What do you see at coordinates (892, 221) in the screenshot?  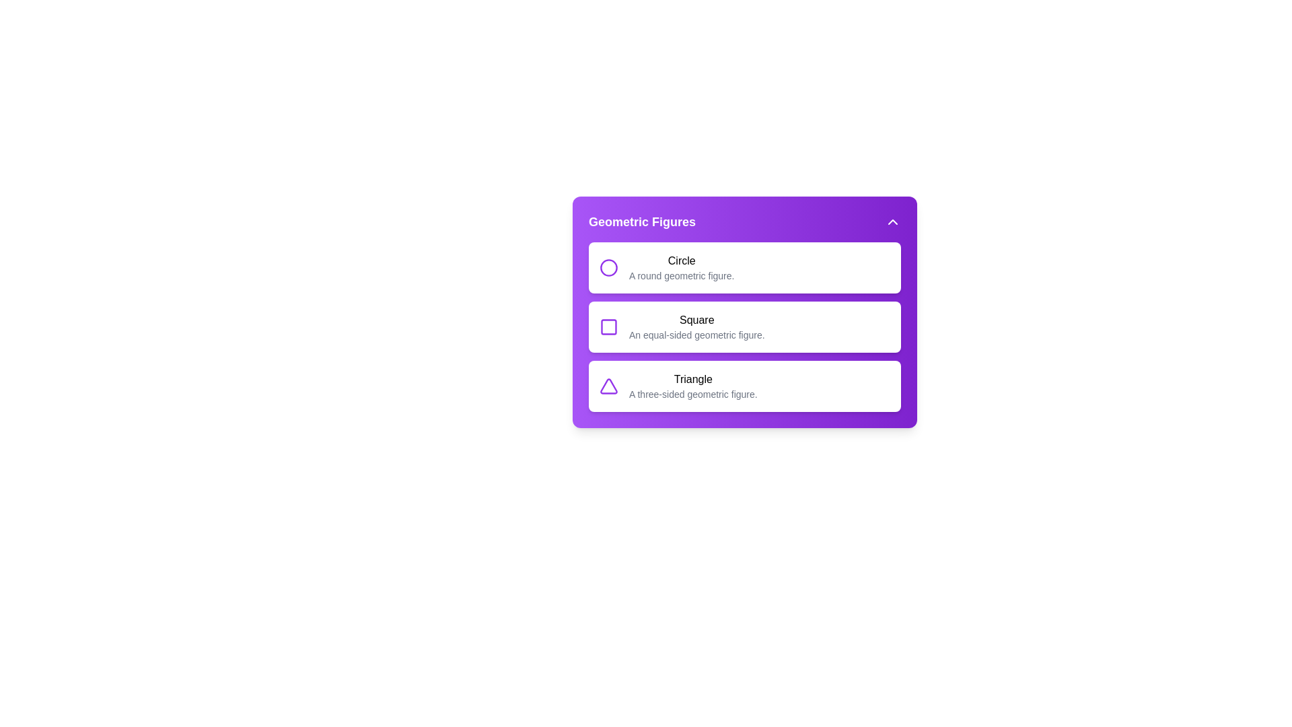 I see `the chevron button to toggle the menu visibility` at bounding box center [892, 221].